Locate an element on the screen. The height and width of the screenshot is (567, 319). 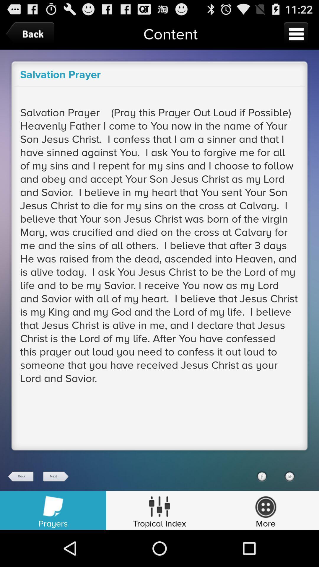
the icon to the right of the content is located at coordinates (296, 34).